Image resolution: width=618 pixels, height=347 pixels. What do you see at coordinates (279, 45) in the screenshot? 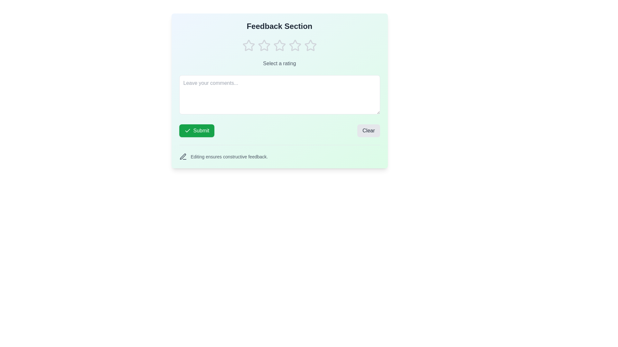
I see `the second star-shaped rating icon with a gray outline` at bounding box center [279, 45].